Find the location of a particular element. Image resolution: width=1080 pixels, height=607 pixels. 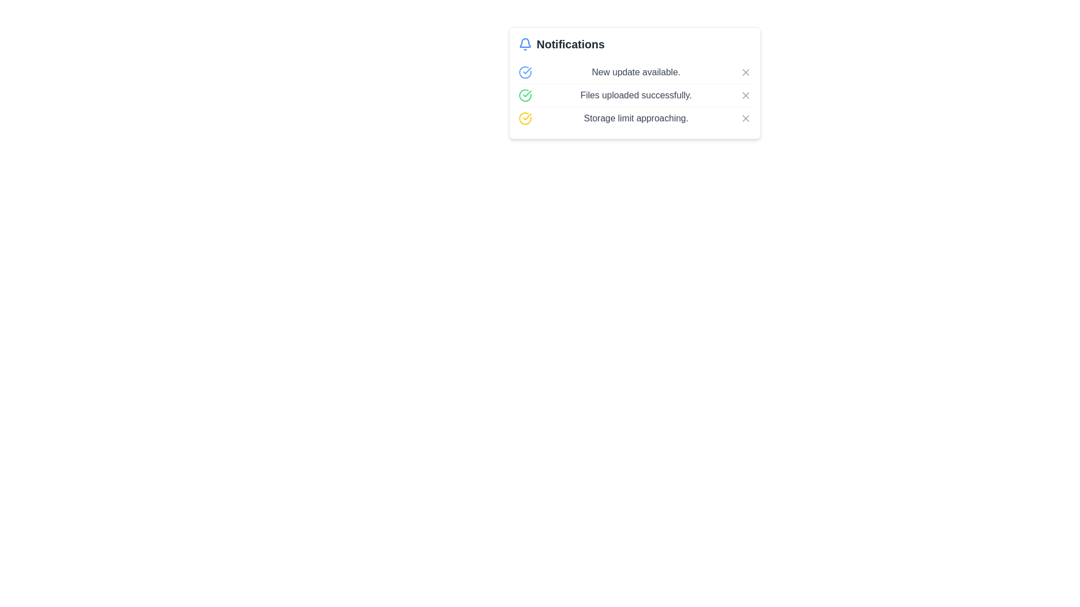

the checkmark-like icon representing successful file uploads in the notification interface, which is part of an SVG element is located at coordinates (526, 71).